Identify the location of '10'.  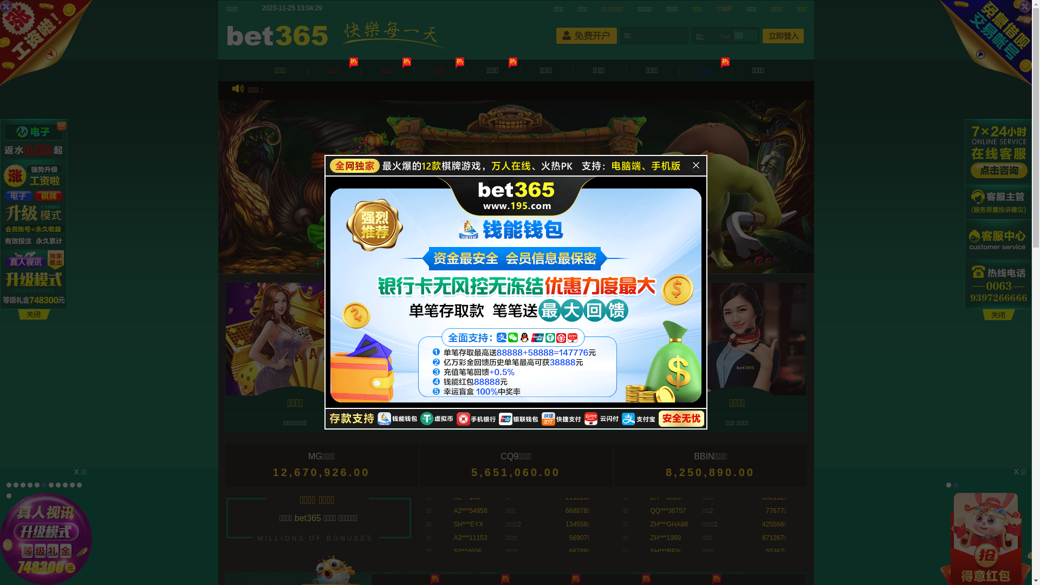
(71, 484).